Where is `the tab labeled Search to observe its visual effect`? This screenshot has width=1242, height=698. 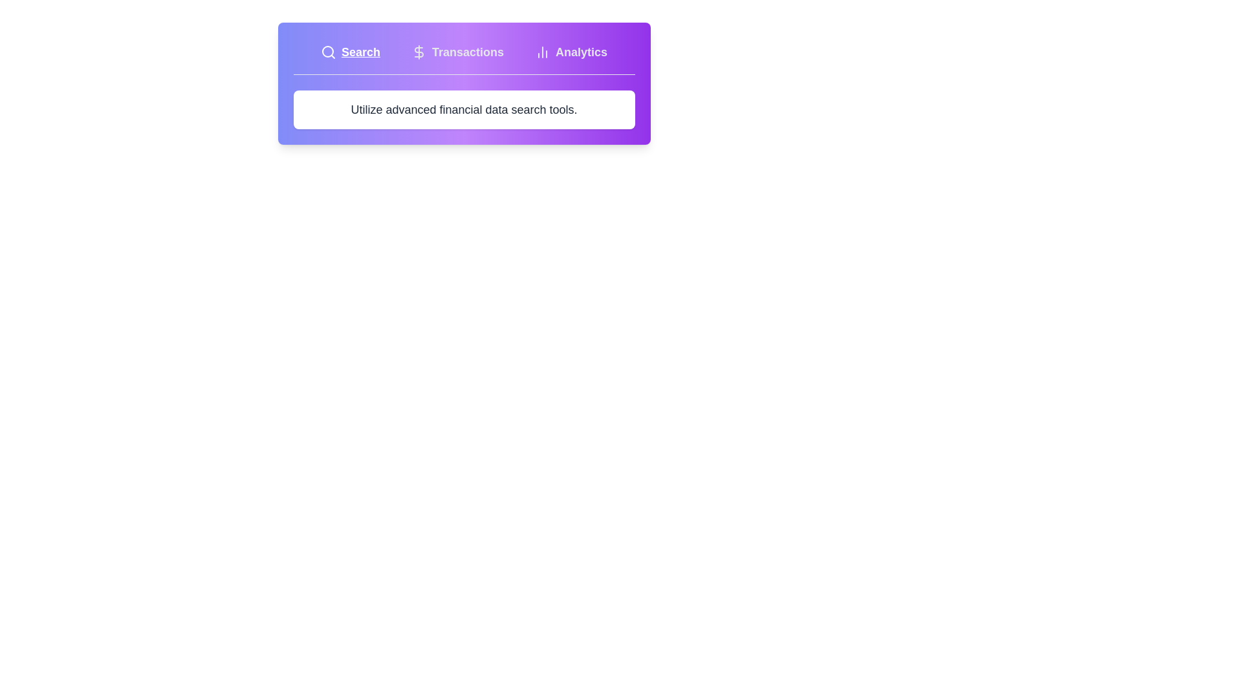
the tab labeled Search to observe its visual effect is located at coordinates (351, 52).